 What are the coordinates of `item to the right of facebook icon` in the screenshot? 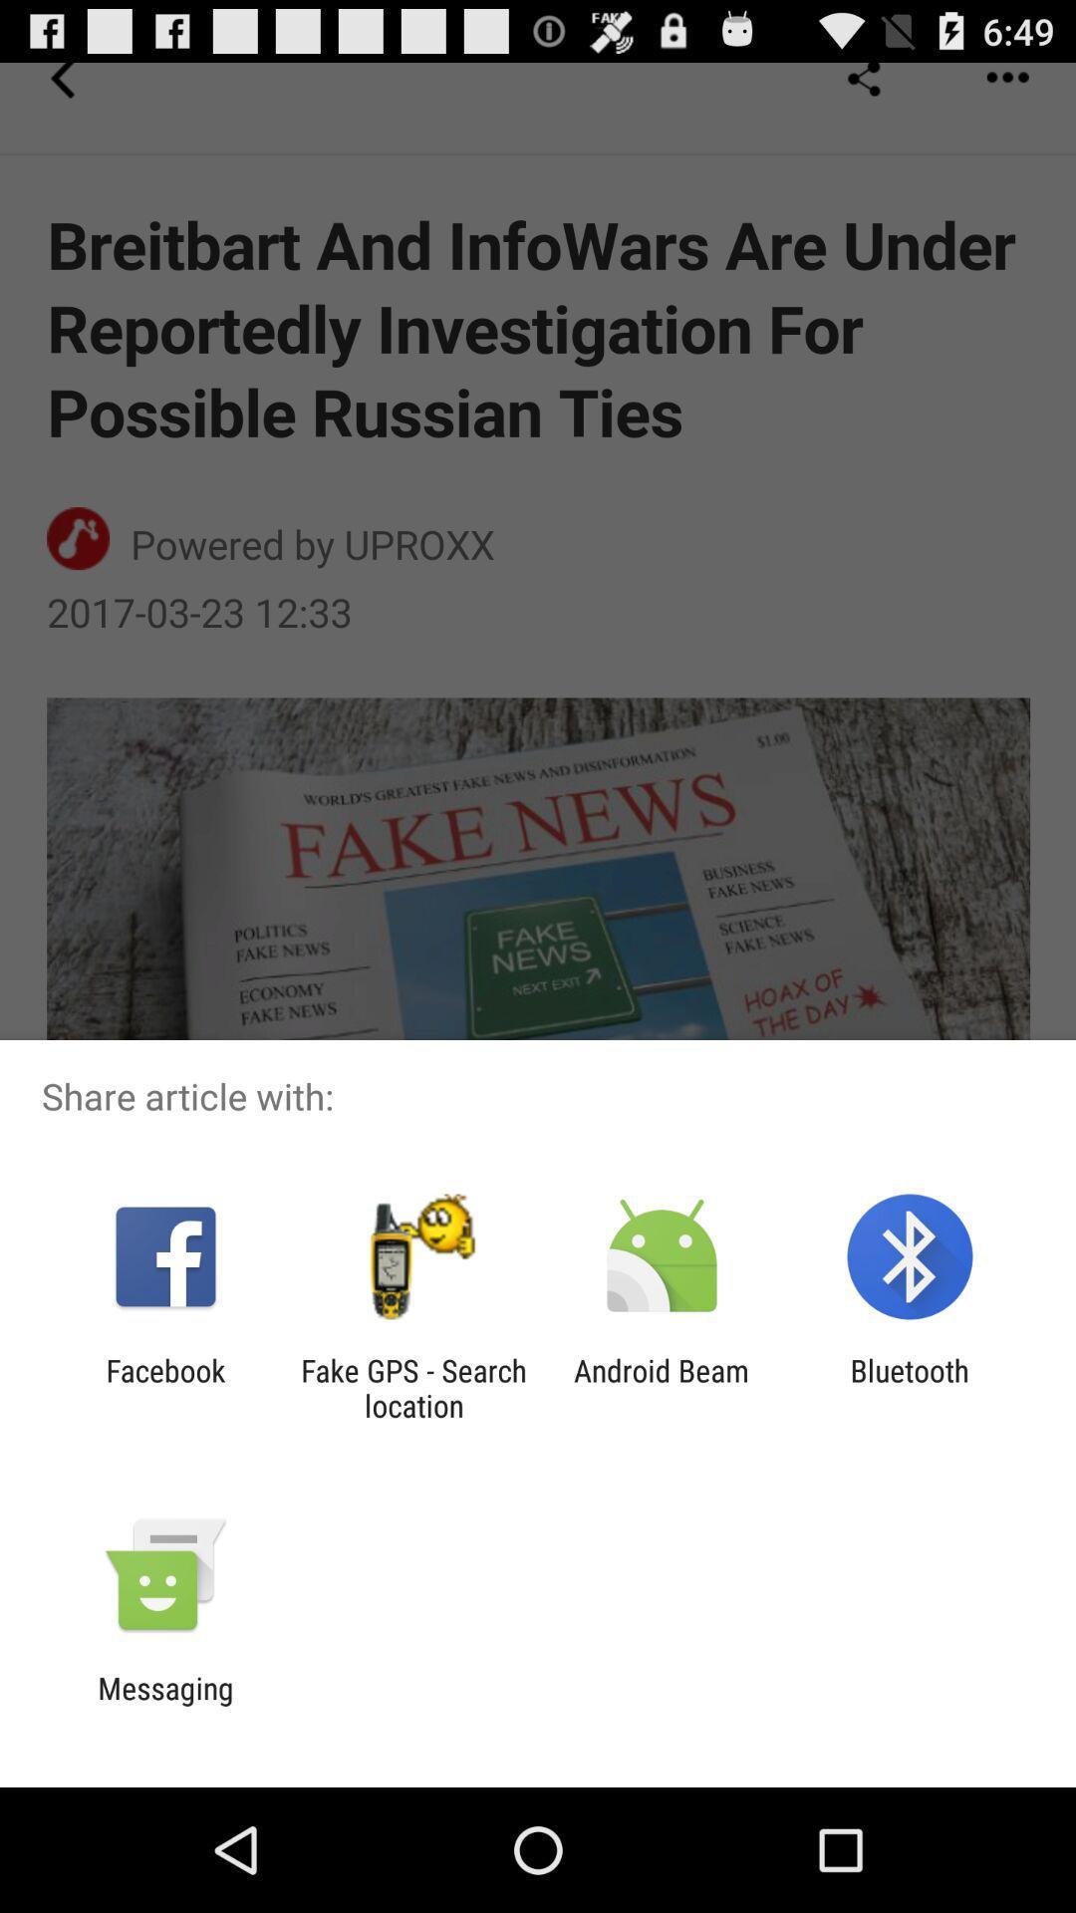 It's located at (412, 1387).